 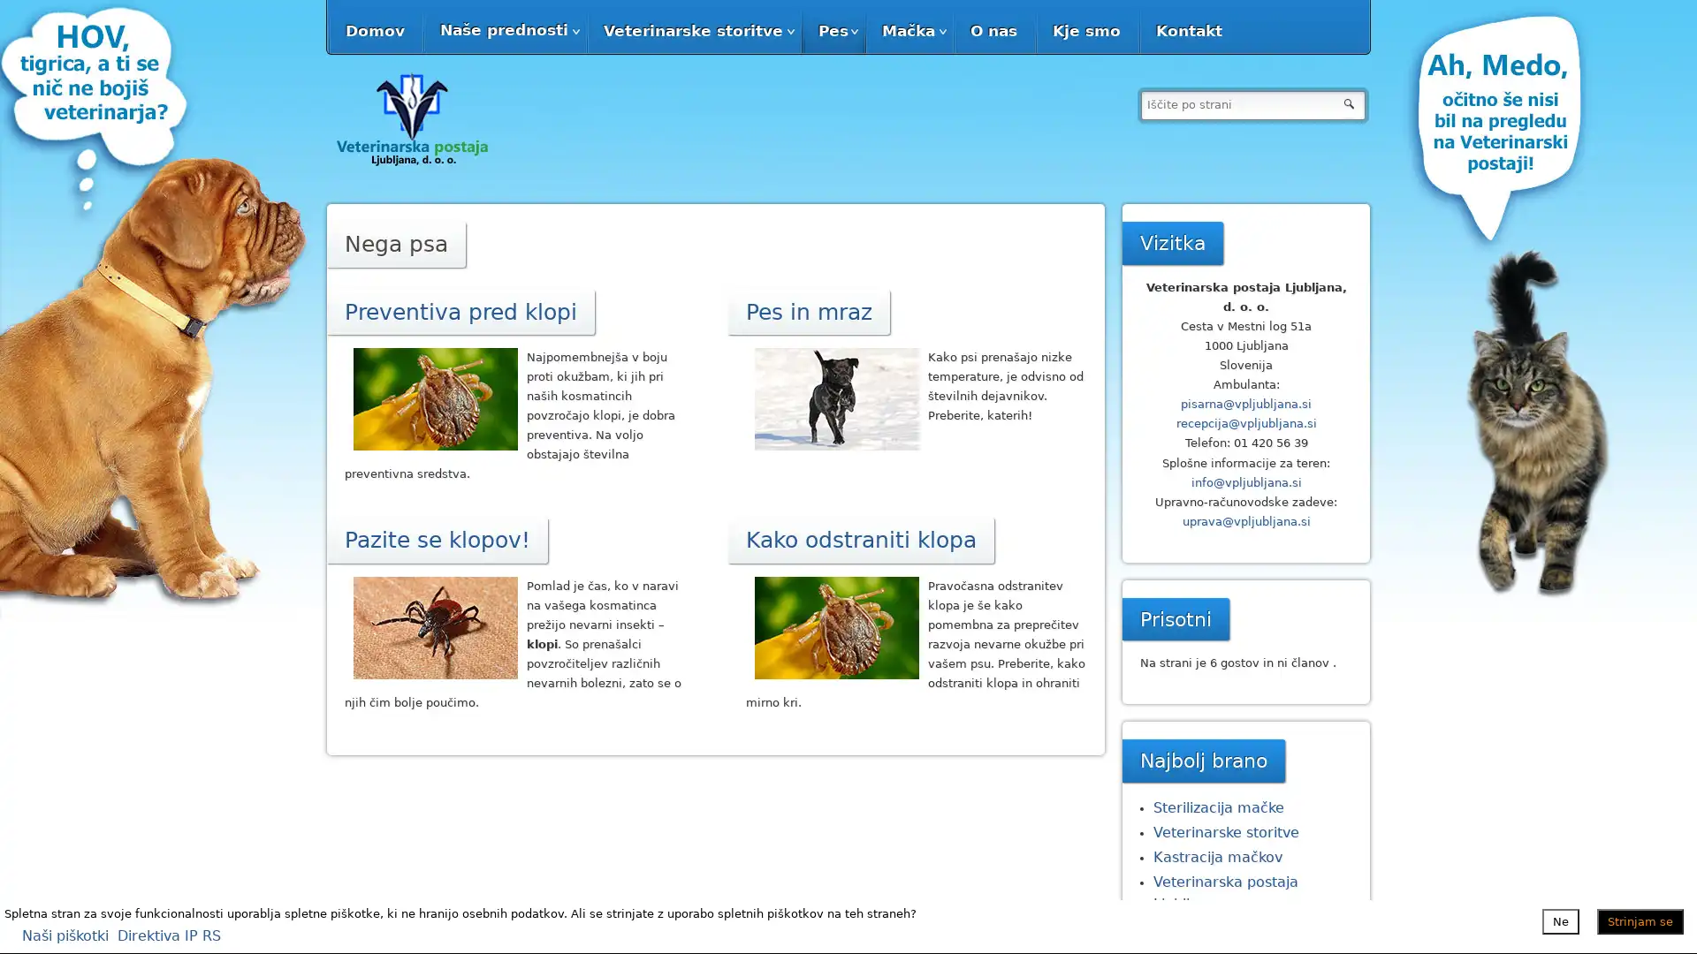 I want to click on Ne, so click(x=1561, y=920).